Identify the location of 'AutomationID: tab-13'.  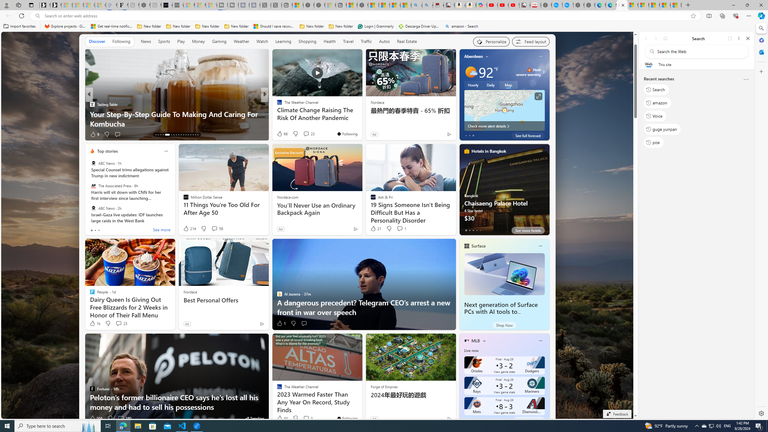
(155, 134).